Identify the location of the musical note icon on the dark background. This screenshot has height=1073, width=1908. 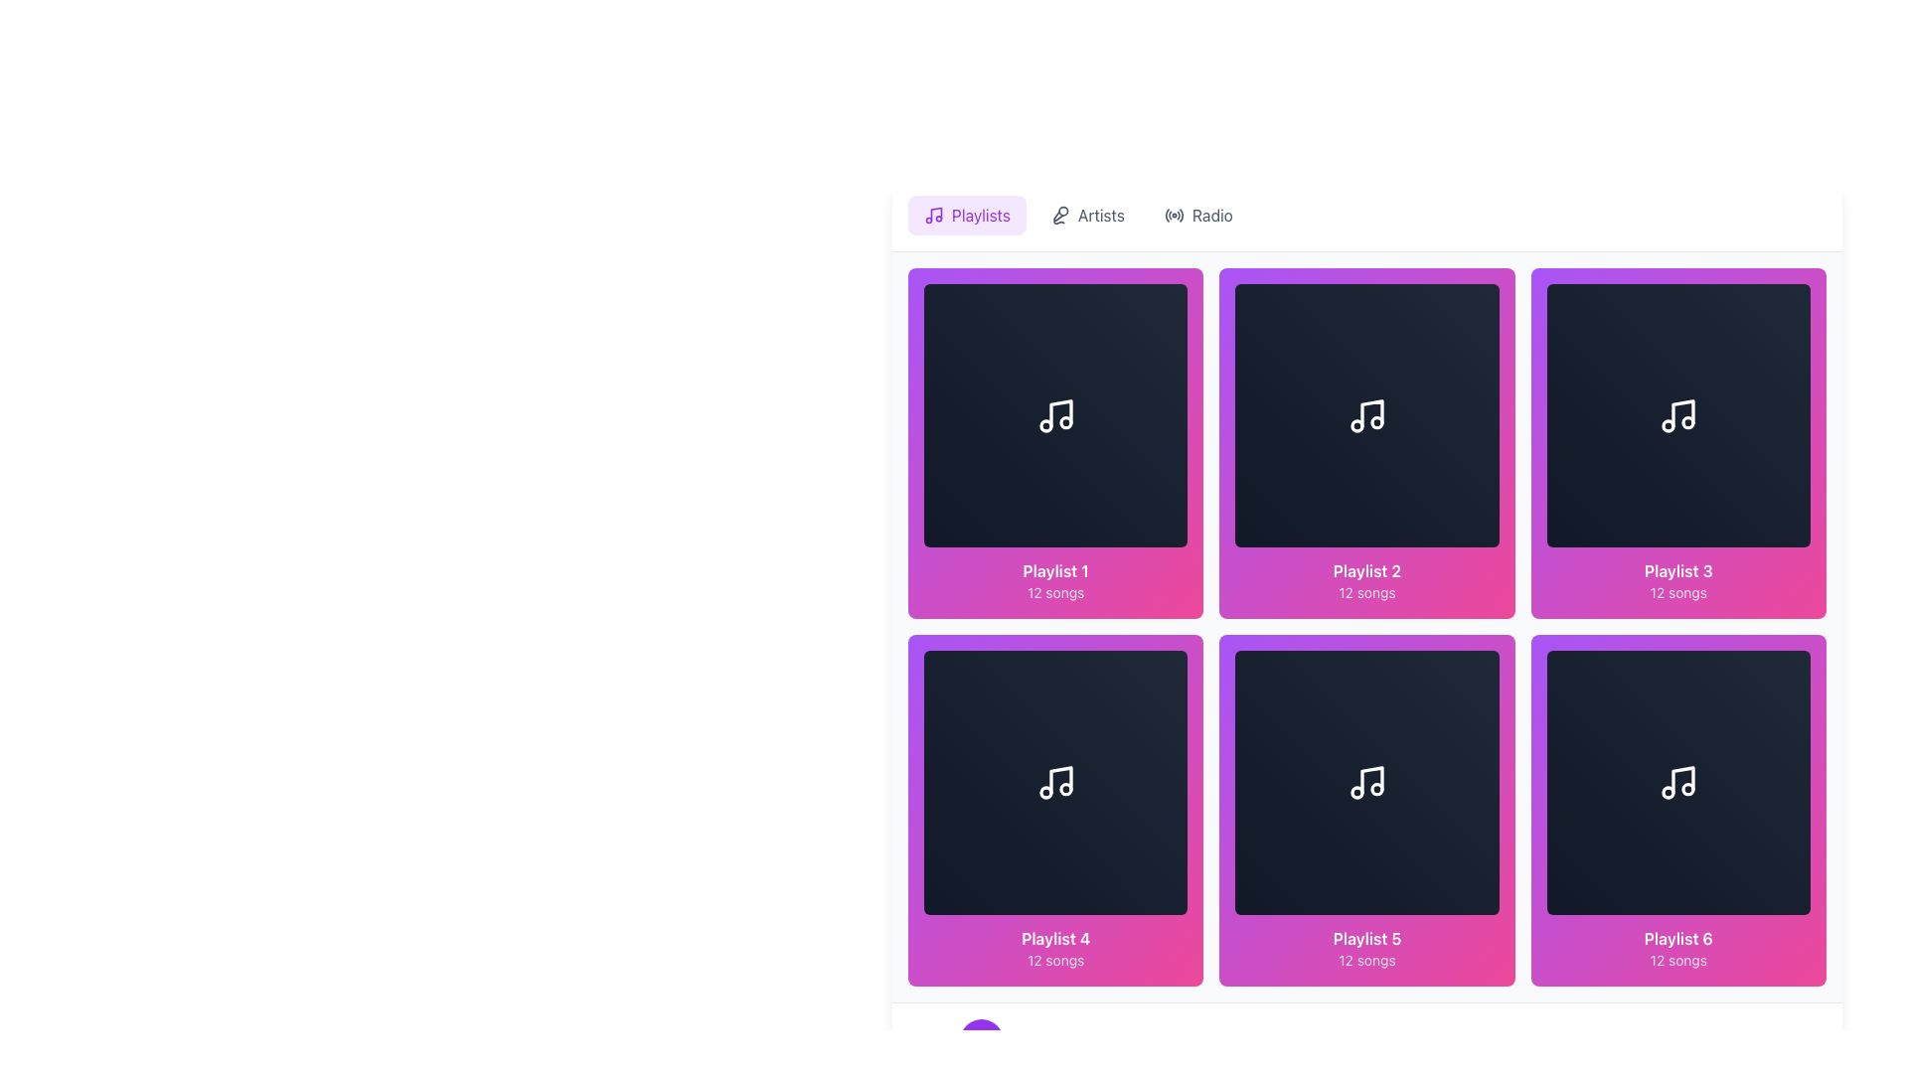
(1677, 414).